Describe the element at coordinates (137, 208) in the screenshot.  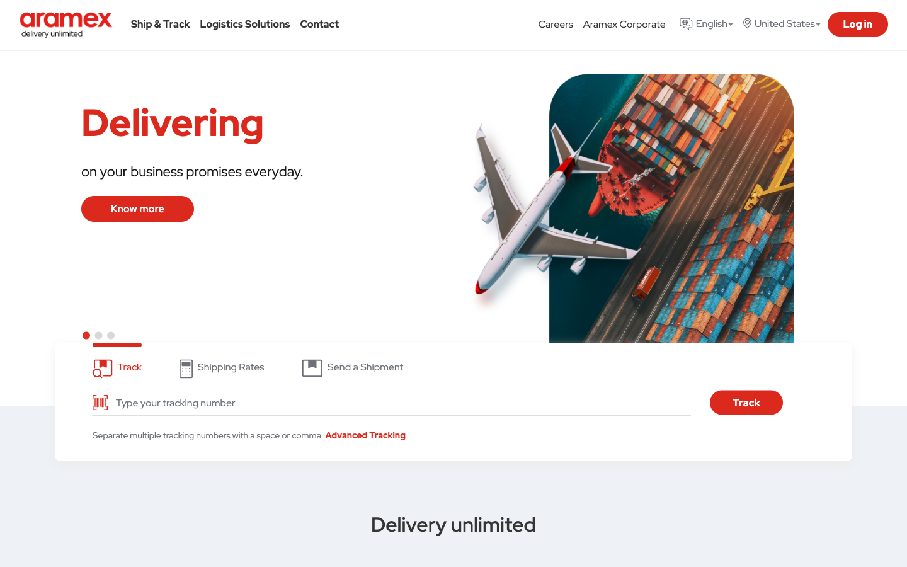
I see `the knowledge page by clicking the "know more" button` at that location.